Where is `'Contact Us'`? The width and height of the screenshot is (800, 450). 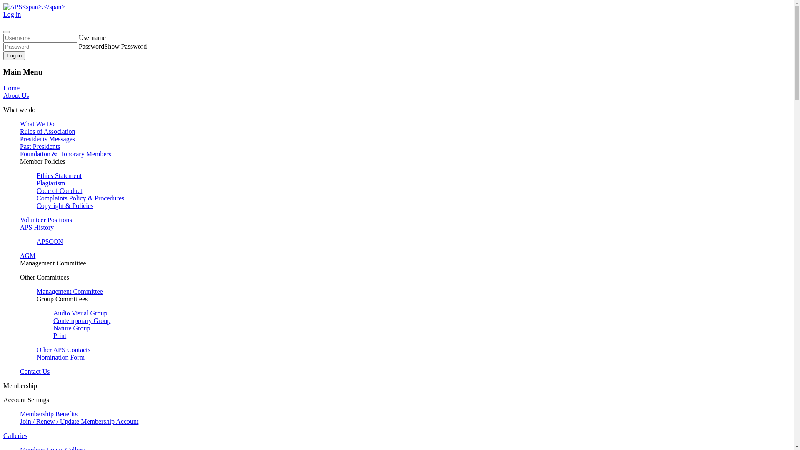
'Contact Us' is located at coordinates (34, 371).